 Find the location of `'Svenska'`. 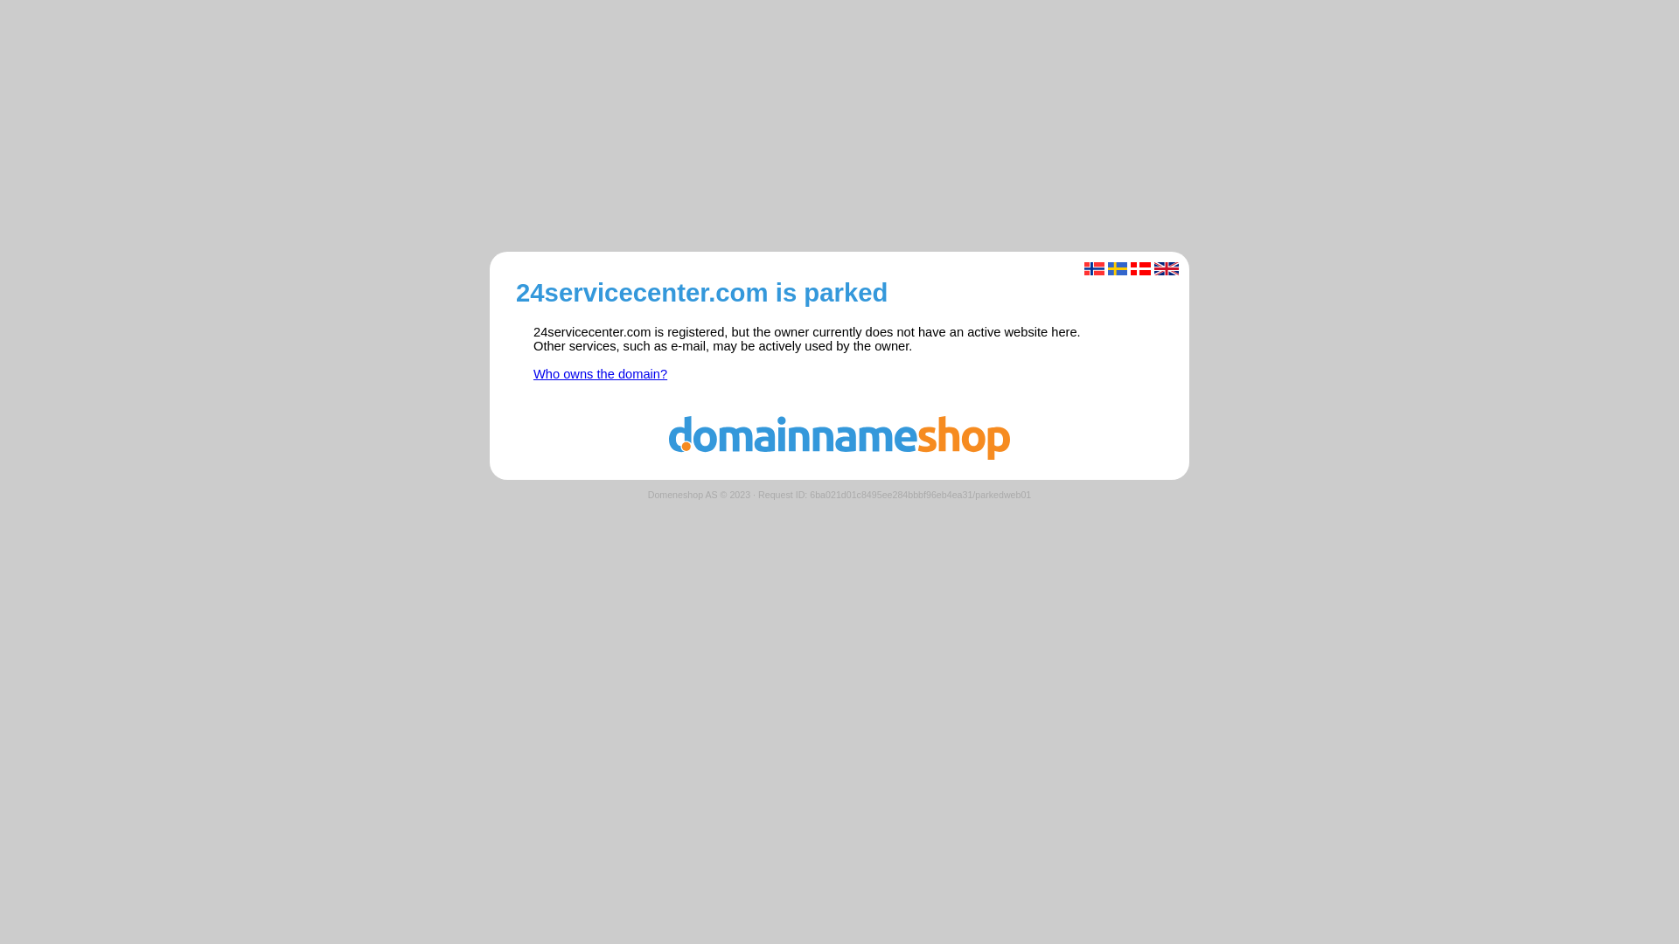

'Svenska' is located at coordinates (1106, 268).